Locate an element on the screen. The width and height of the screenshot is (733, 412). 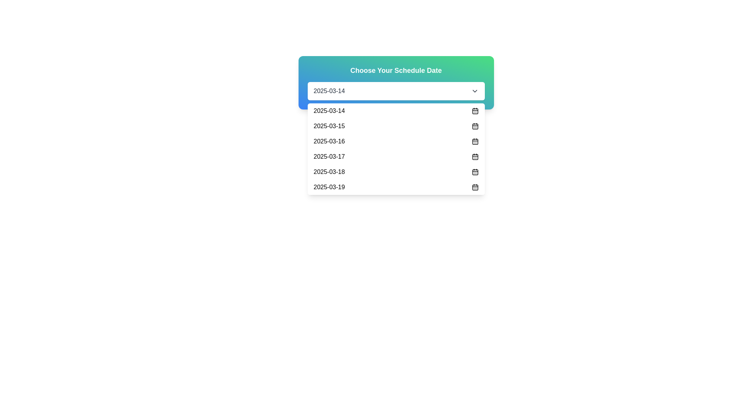
the calendar icon representing the date '2025-03-16' in the fifth entry of the list, located at the far-right end of the row is located at coordinates (475, 141).